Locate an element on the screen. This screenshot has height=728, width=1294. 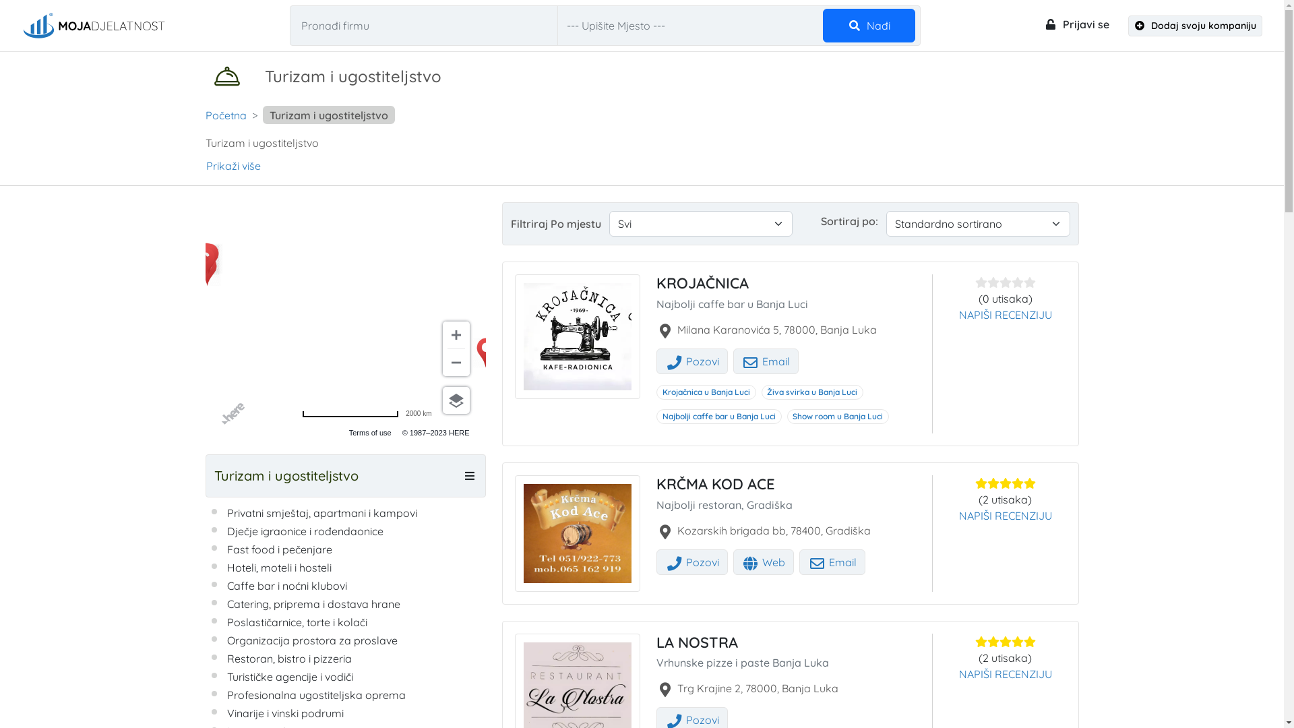
'Zoom in' is located at coordinates (442, 334).